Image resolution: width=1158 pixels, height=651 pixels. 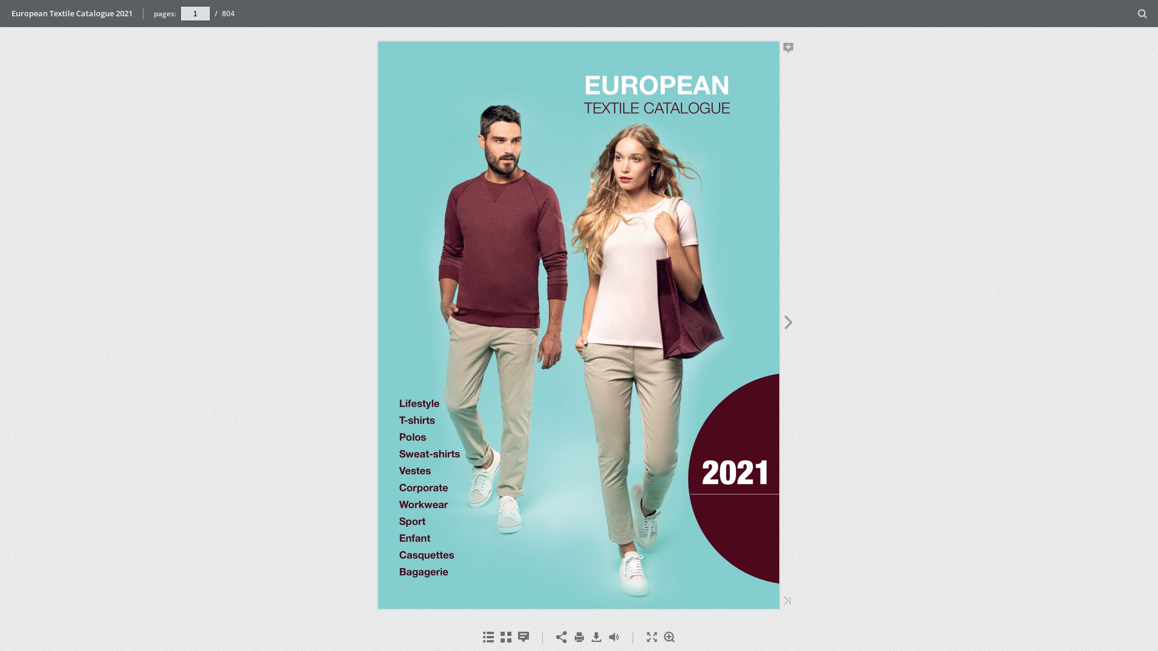 What do you see at coordinates (505, 637) in the screenshot?
I see `'Thumbnails'` at bounding box center [505, 637].